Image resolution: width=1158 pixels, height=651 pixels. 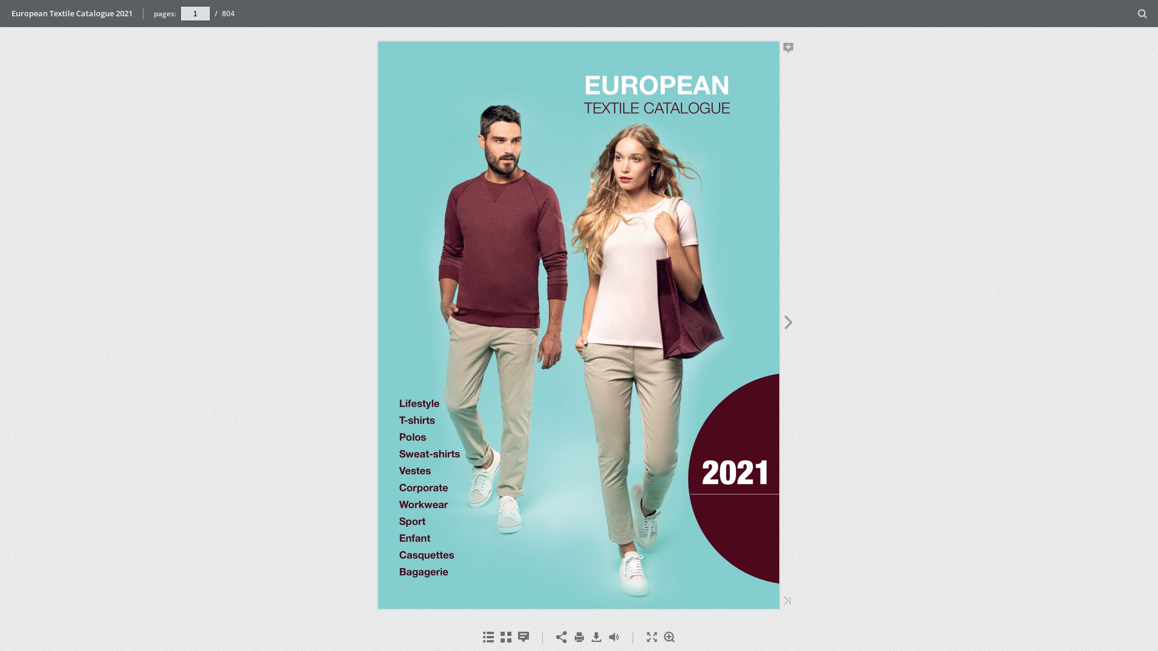 What do you see at coordinates (505, 637) in the screenshot?
I see `'Thumbnails'` at bounding box center [505, 637].